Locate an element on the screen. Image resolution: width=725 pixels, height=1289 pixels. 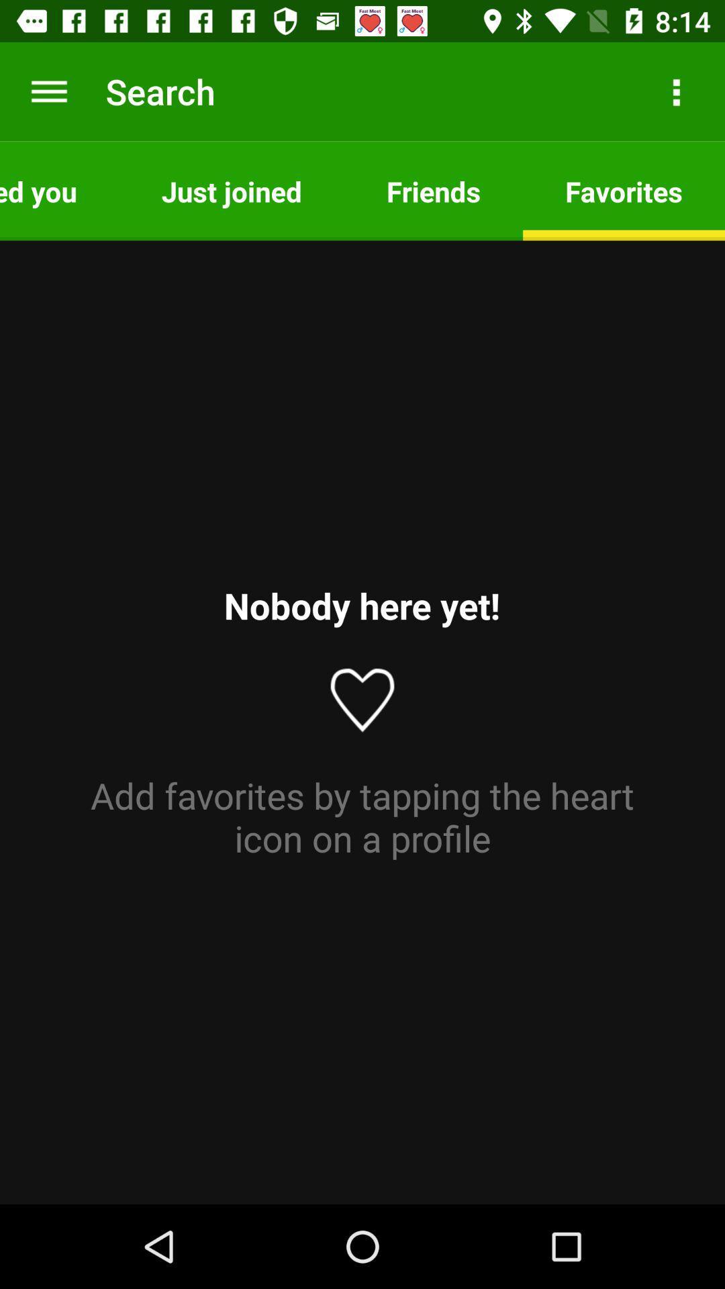
the friends app is located at coordinates (434, 190).